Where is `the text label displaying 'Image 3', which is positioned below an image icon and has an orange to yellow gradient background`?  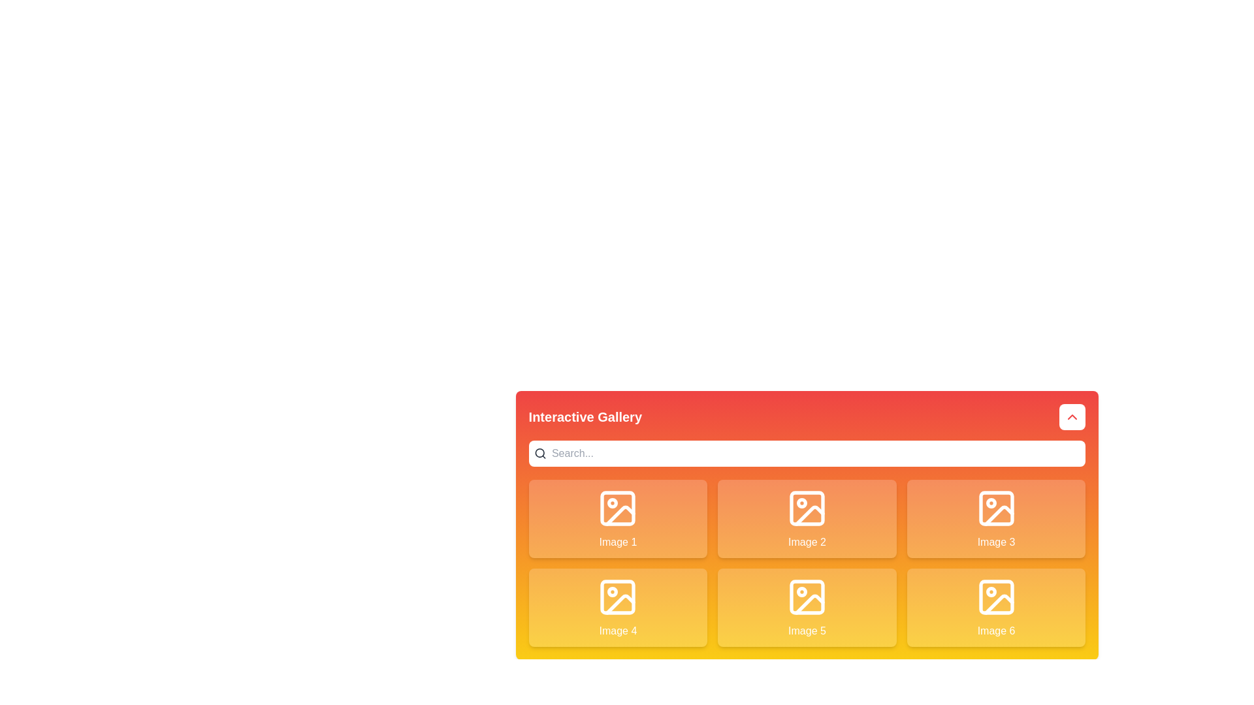 the text label displaying 'Image 3', which is positioned below an image icon and has an orange to yellow gradient background is located at coordinates (995, 542).